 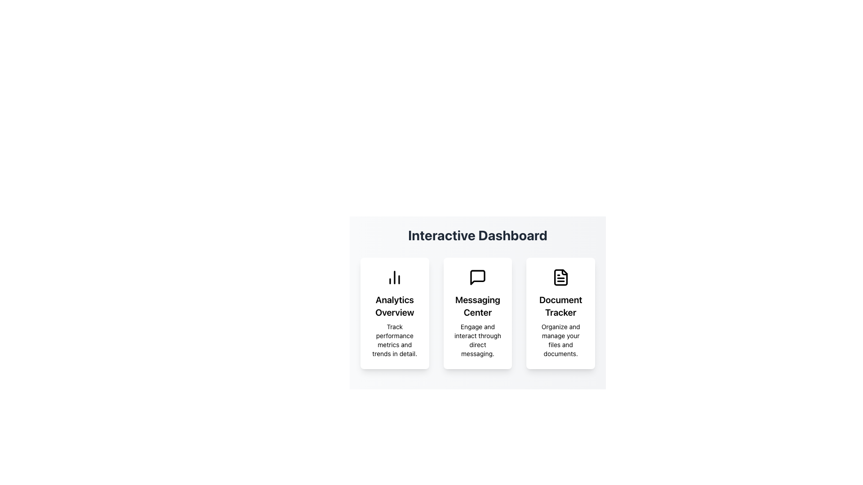 What do you see at coordinates (560, 340) in the screenshot?
I see `text block containing 'Organize and manage your files and documents.' which is styled in black color and located in the 'Document Tracker' section, below the title 'Document Tracker'` at bounding box center [560, 340].